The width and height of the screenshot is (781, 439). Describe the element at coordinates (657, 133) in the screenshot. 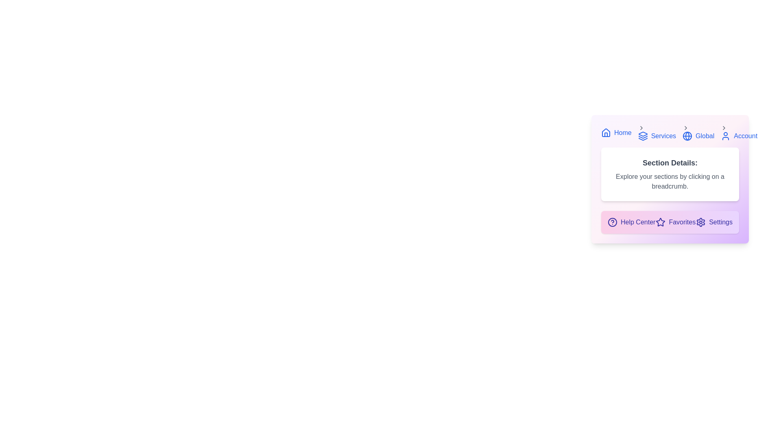

I see `the 'Services' navigational link, which consists of a blue stack icon and blue, underlined, bold text` at that location.